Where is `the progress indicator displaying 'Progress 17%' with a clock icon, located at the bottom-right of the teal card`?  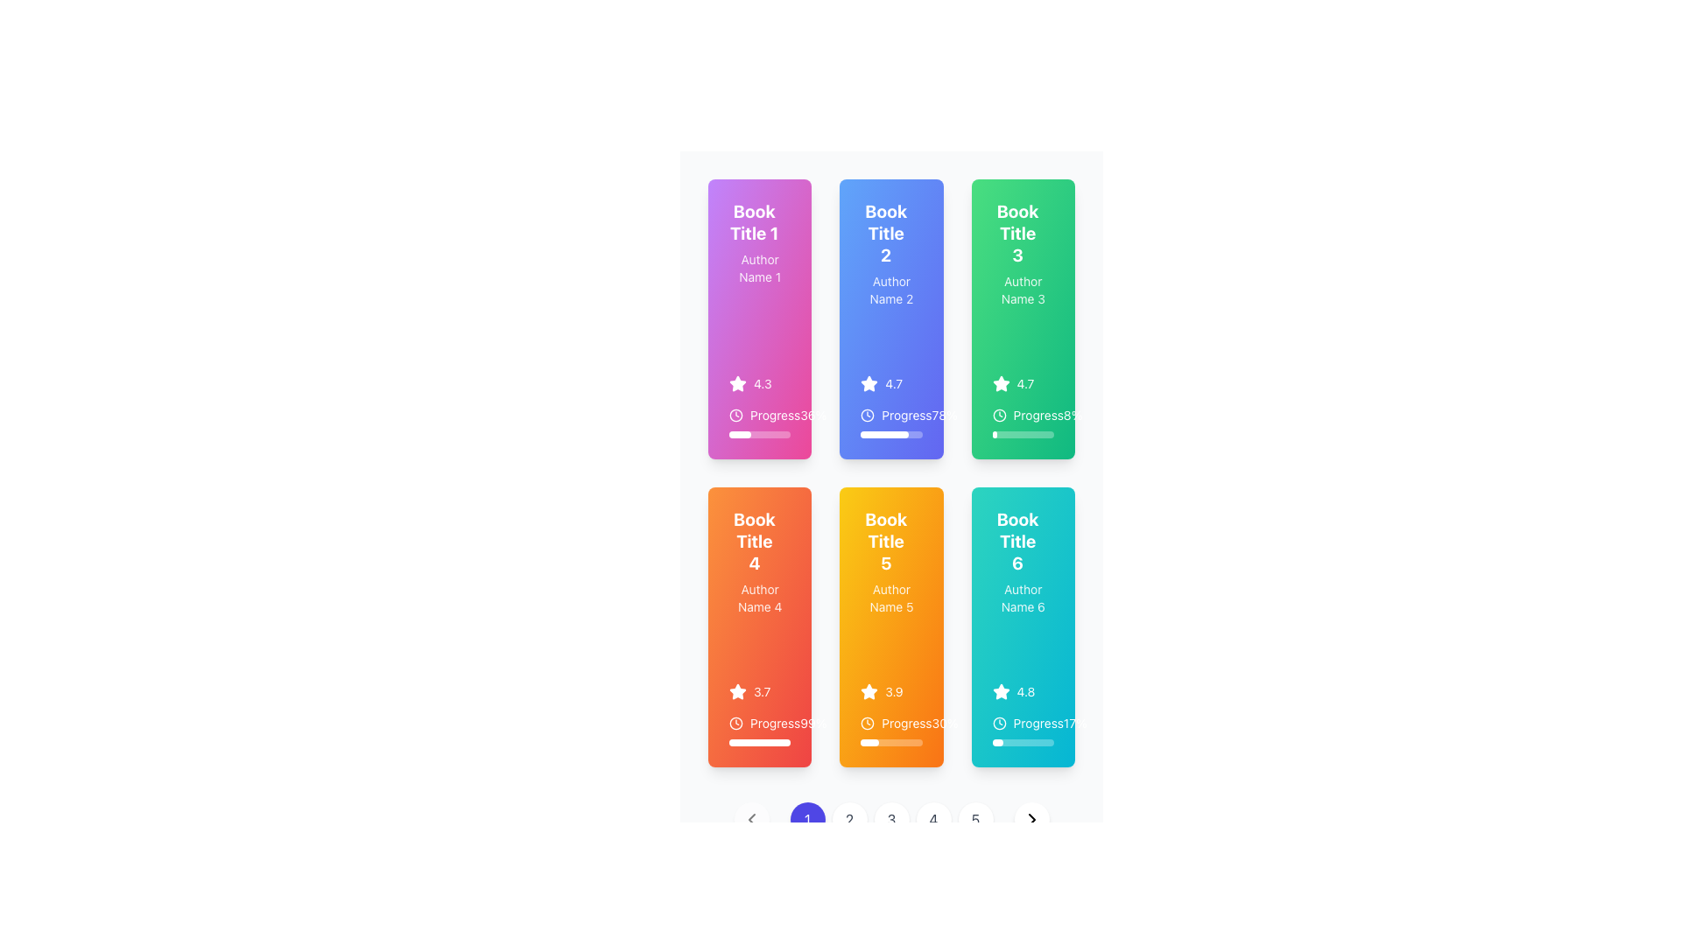
the progress indicator displaying 'Progress 17%' with a clock icon, located at the bottom-right of the teal card is located at coordinates (1023, 723).